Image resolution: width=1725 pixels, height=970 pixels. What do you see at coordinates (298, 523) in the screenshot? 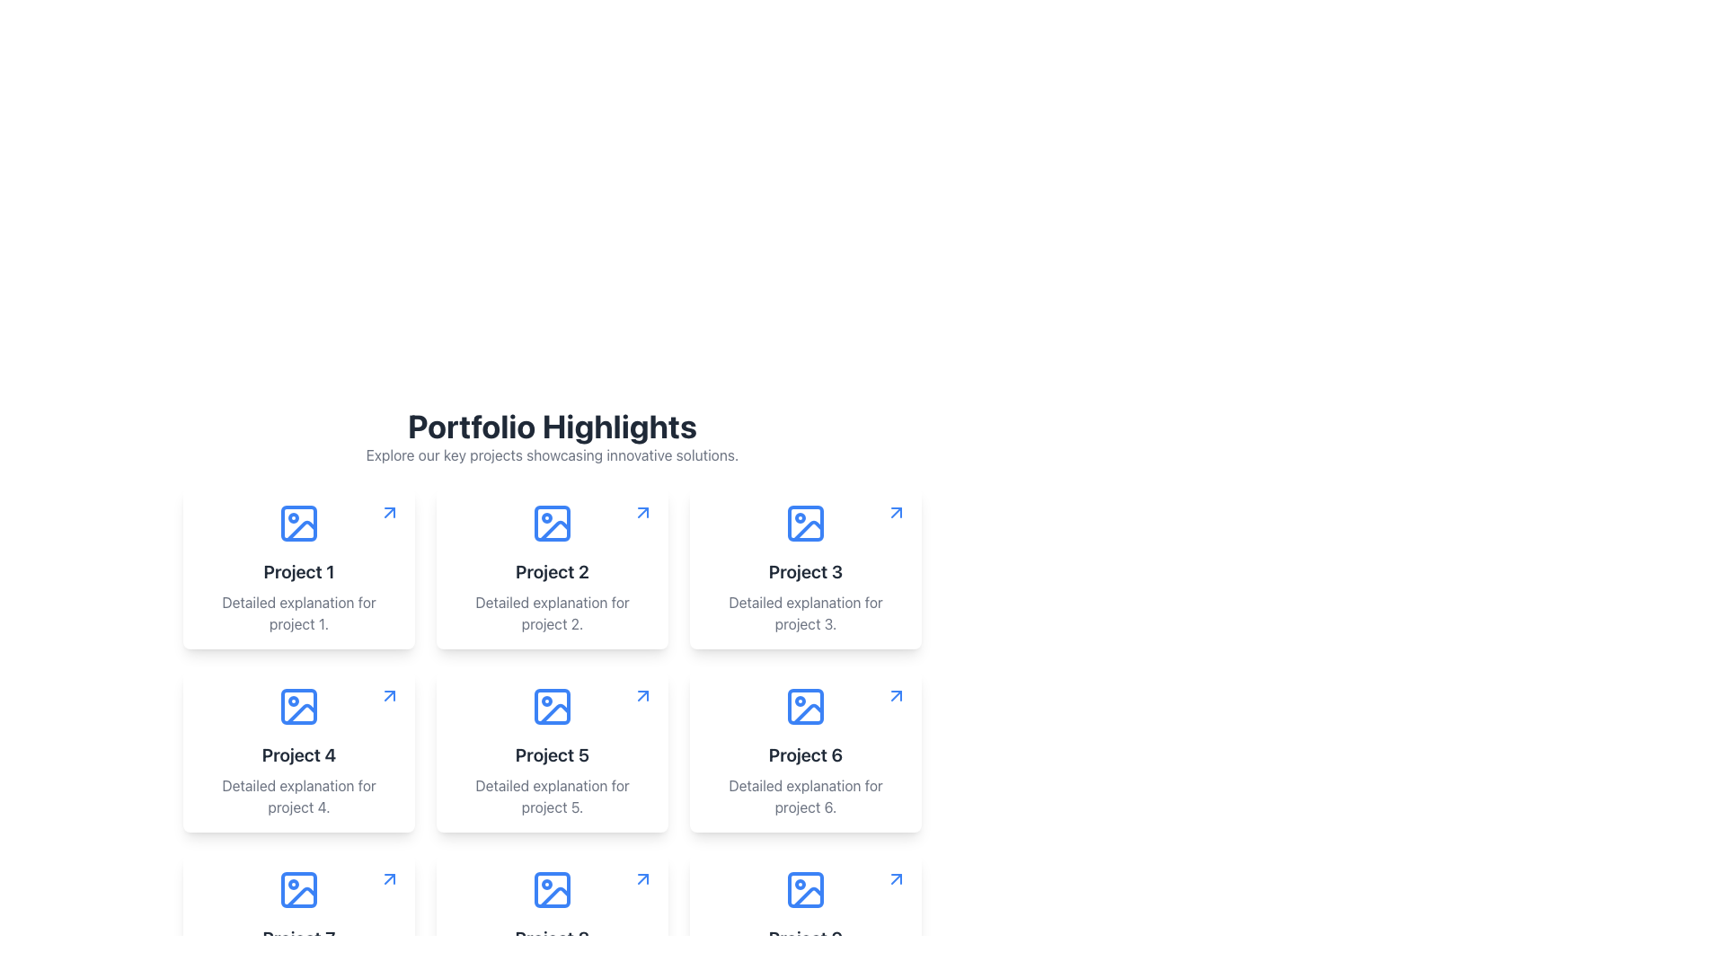
I see `the blue picture frame icon associated with 'Project 1', which is located at the top-center of the card labeled 'Project 1'` at bounding box center [298, 523].